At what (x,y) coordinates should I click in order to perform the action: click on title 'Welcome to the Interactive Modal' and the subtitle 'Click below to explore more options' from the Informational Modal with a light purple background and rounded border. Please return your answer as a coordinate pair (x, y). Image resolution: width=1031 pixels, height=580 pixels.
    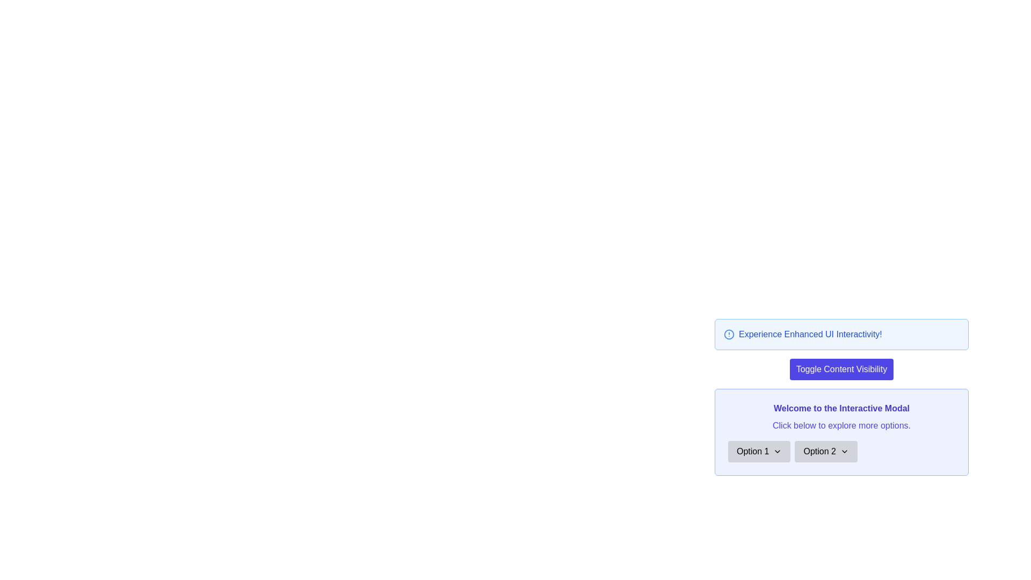
    Looking at the image, I should click on (841, 397).